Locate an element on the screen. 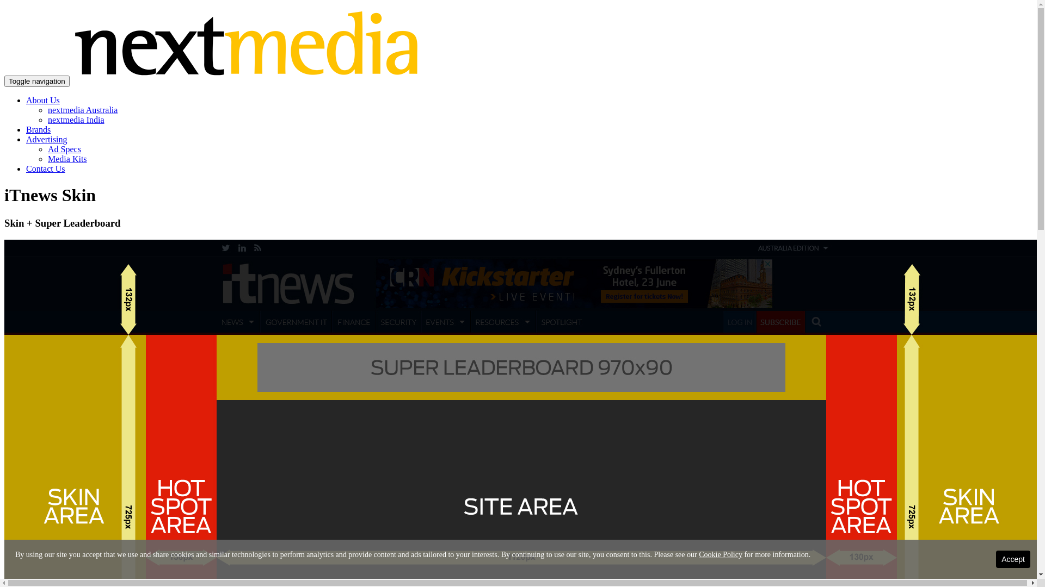  'Media Kits' is located at coordinates (67, 159).